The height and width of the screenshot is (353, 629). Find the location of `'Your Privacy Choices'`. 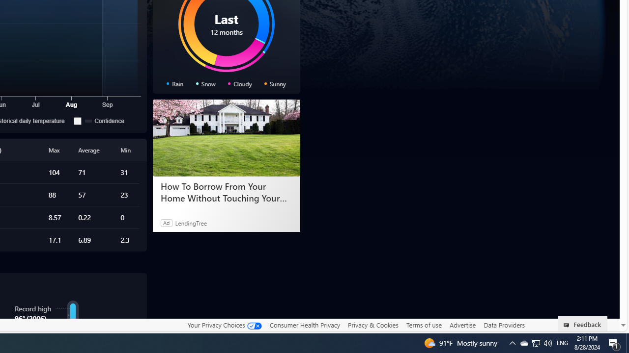

'Your Privacy Choices' is located at coordinates (224, 325).